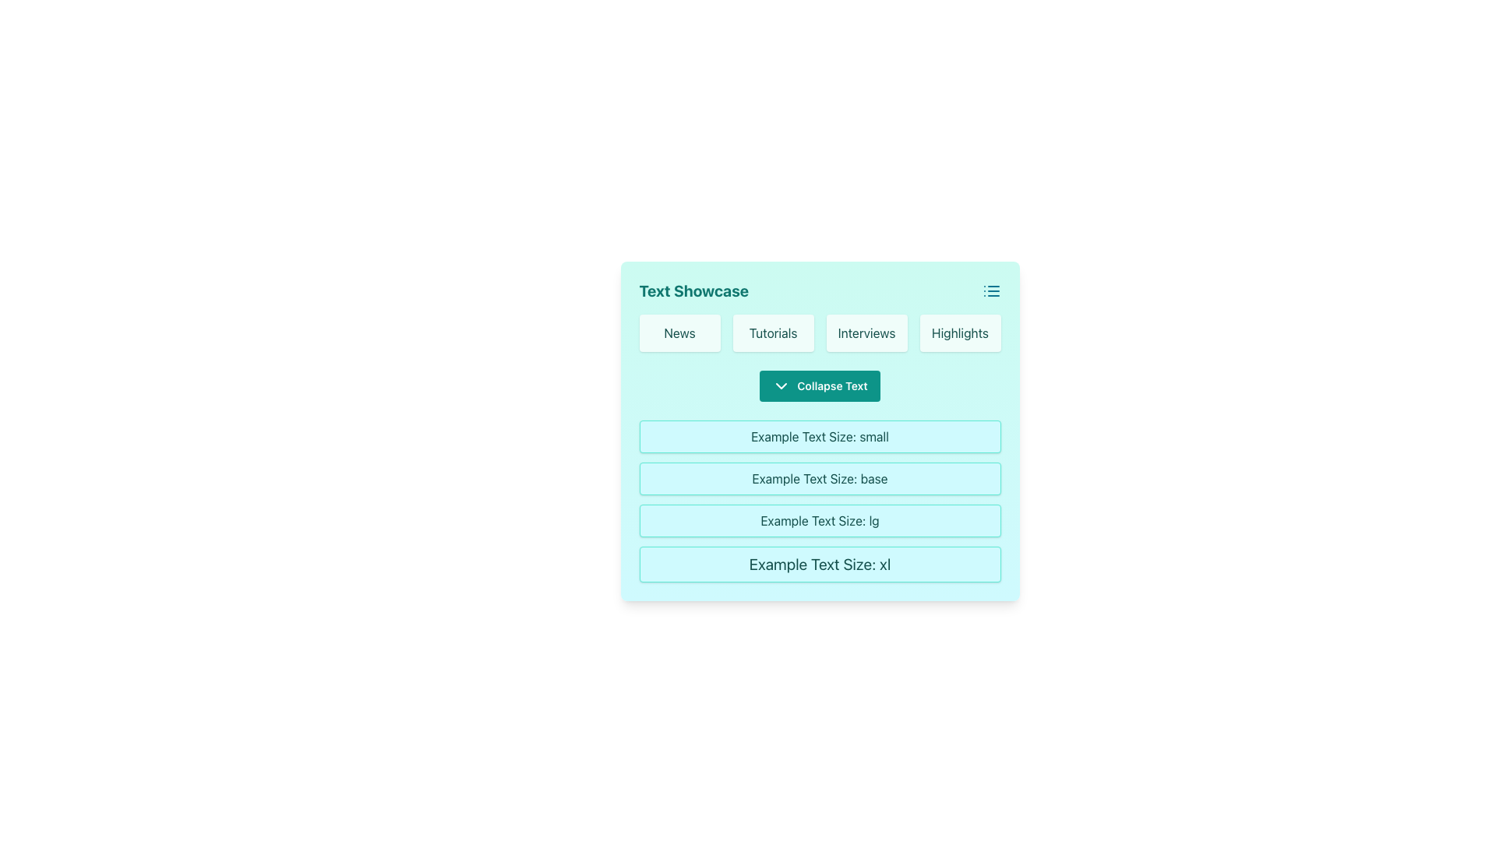  What do you see at coordinates (959, 333) in the screenshot?
I see `the 'Highlights' button located in the top-right corner of the grid of navigation buttons` at bounding box center [959, 333].